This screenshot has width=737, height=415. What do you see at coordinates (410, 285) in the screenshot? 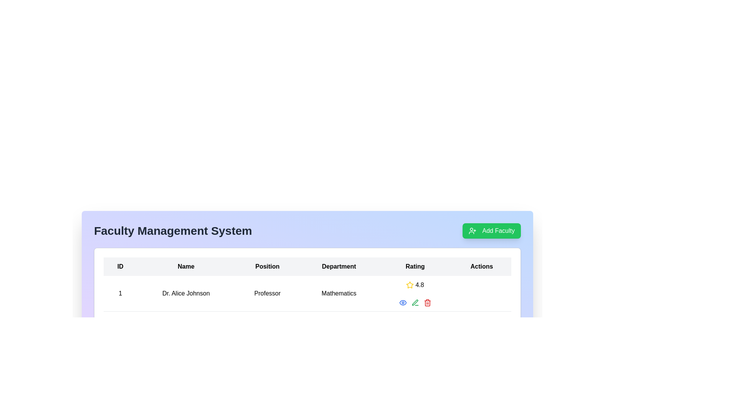
I see `the Star icon representing a high rating of 4.8 out of 5 located` at bounding box center [410, 285].